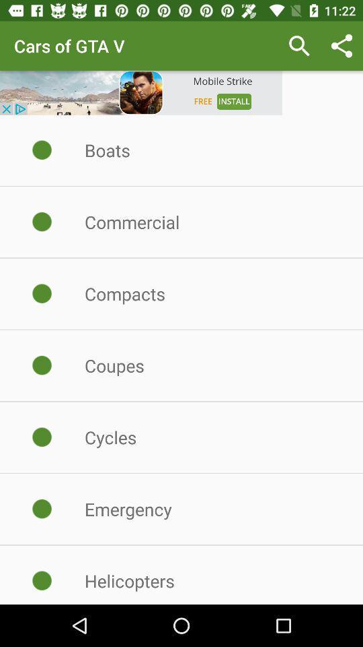 The width and height of the screenshot is (363, 647). What do you see at coordinates (42, 294) in the screenshot?
I see `compacts click the beside  radio button` at bounding box center [42, 294].